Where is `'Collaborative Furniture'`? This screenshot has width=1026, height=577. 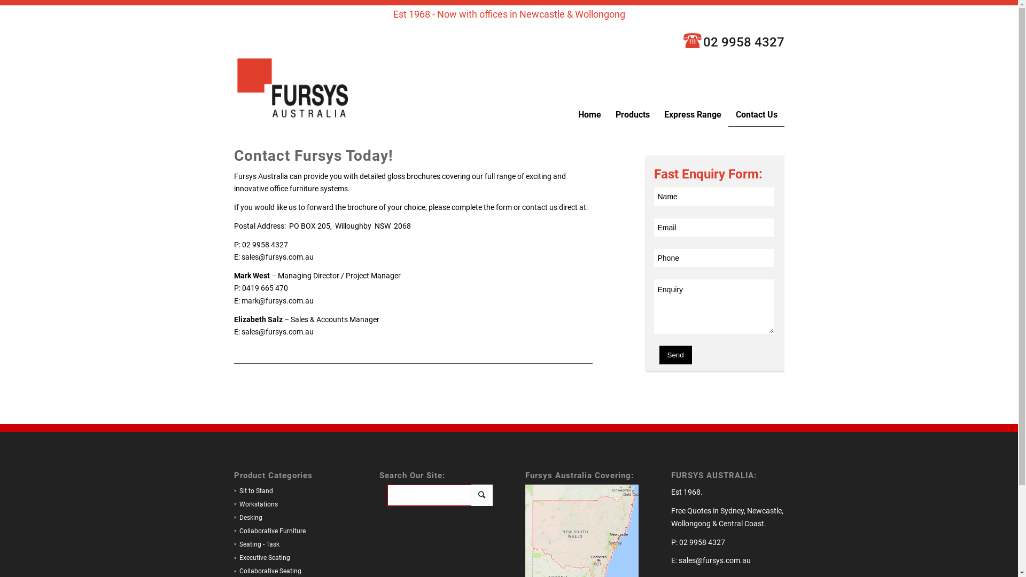 'Collaborative Furniture' is located at coordinates (269, 531).